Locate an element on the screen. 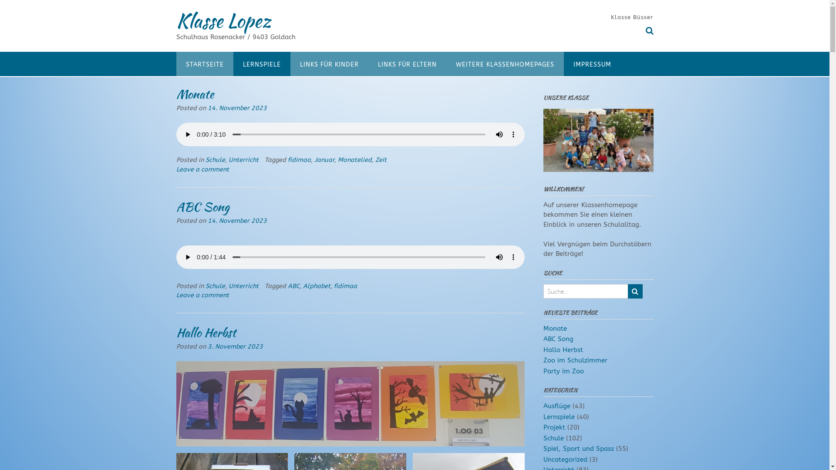 The width and height of the screenshot is (836, 470). 'Januar' is located at coordinates (313, 160).